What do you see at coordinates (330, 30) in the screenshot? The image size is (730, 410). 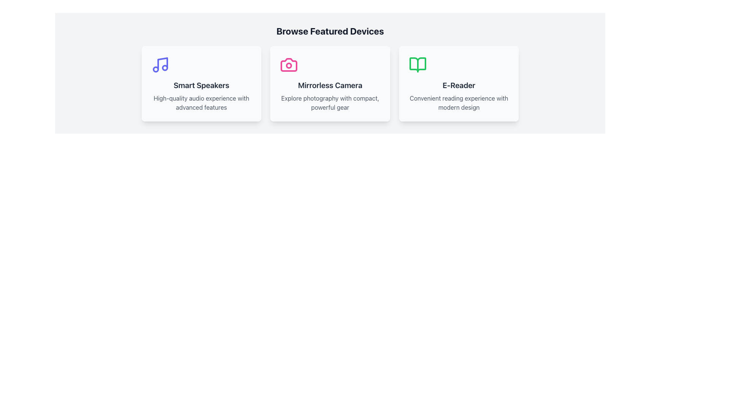 I see `the Header Text element that introduces the feature content above the grid containing cards for 'Smart Speakers', 'Mirrorless Cameras', and 'E-Readers'` at bounding box center [330, 30].